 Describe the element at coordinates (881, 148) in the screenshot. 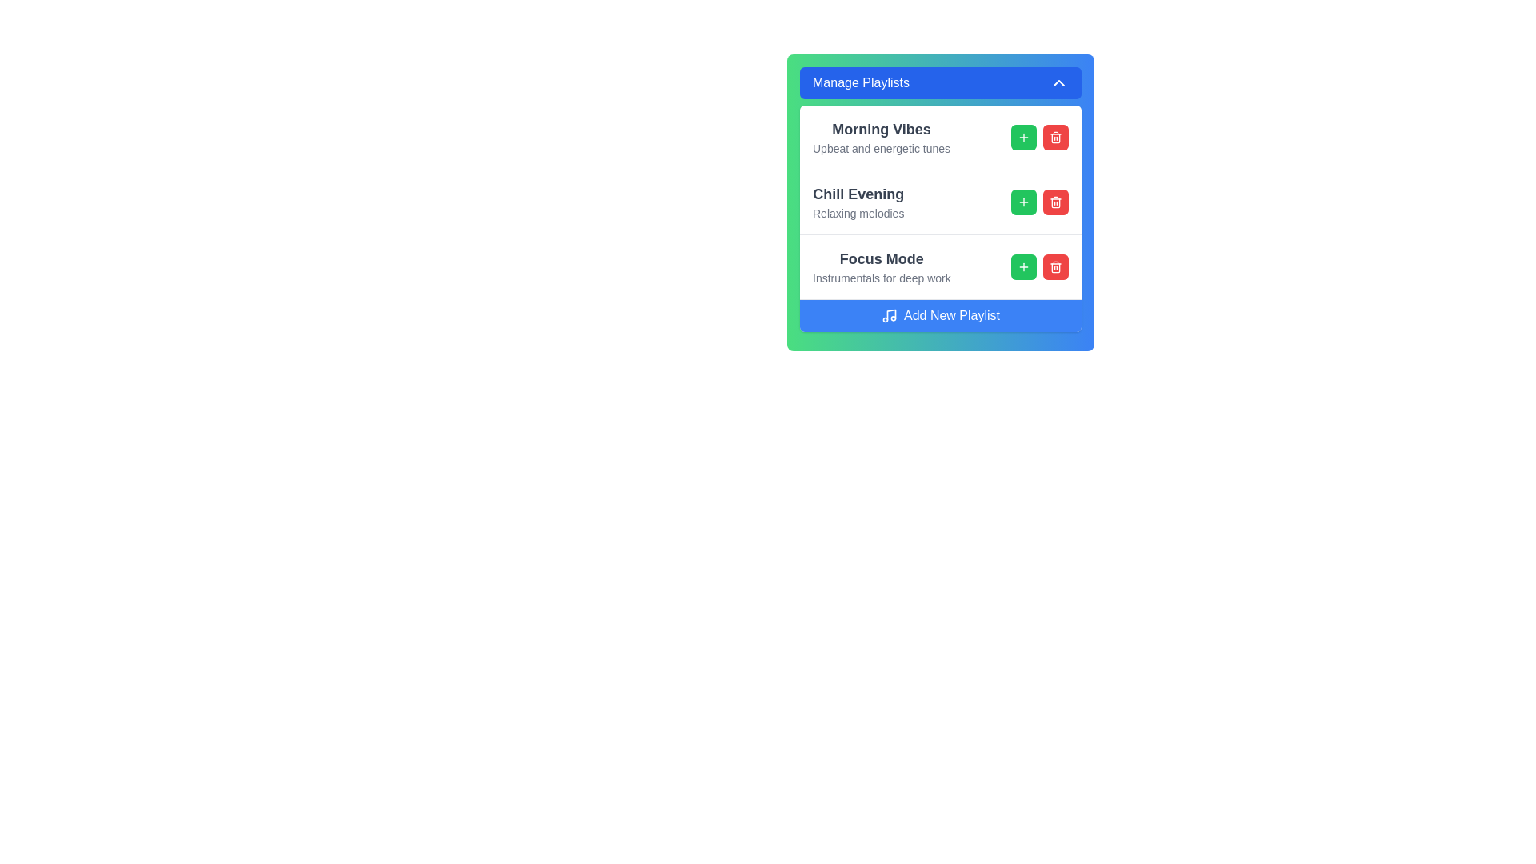

I see `the text label that provides a brief description for the playlist titled 'Morning Vibes', located directly below the 'Morning Vibes' text in the Manage Playlists interface` at that location.